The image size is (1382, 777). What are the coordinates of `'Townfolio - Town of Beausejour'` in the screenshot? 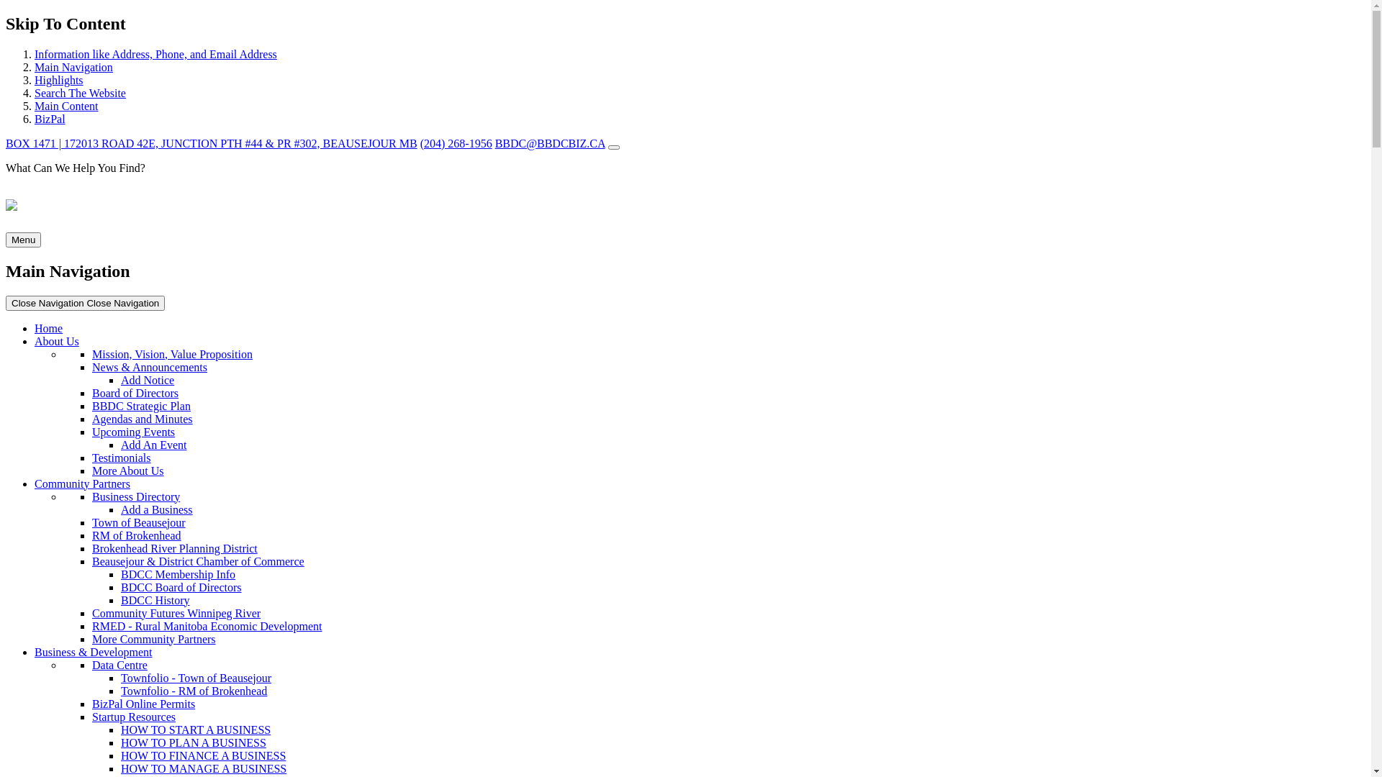 It's located at (195, 678).